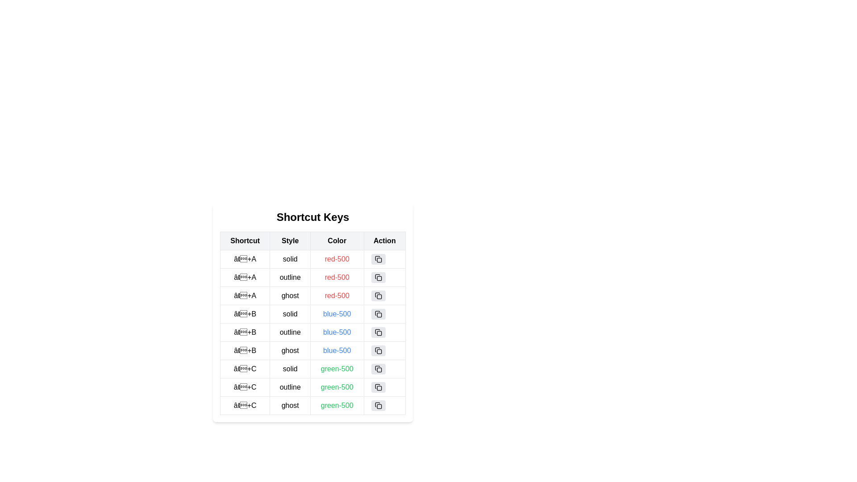  I want to click on the static text label displaying 'outline' in the 'Style' column of the 'Shortcut Keys' table, located in the last group of rows for the shortcut '⌘+C', so click(290, 386).